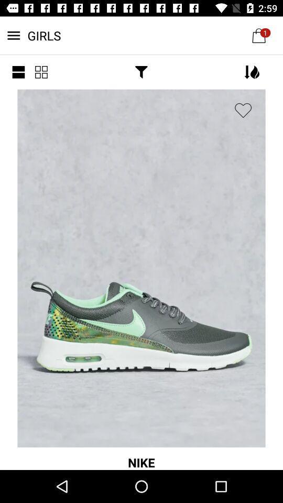 This screenshot has height=503, width=283. I want to click on the first icon from left in the row shown below girls, so click(18, 71).